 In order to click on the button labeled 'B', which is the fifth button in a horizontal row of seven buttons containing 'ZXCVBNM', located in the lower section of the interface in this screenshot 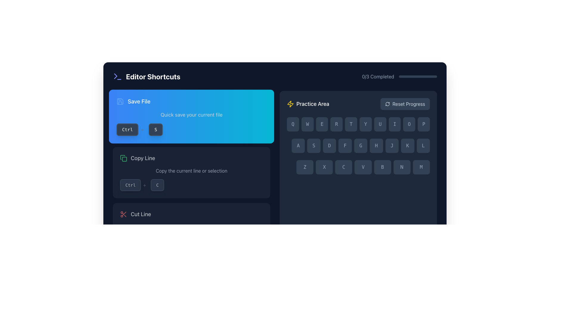, I will do `click(382, 167)`.